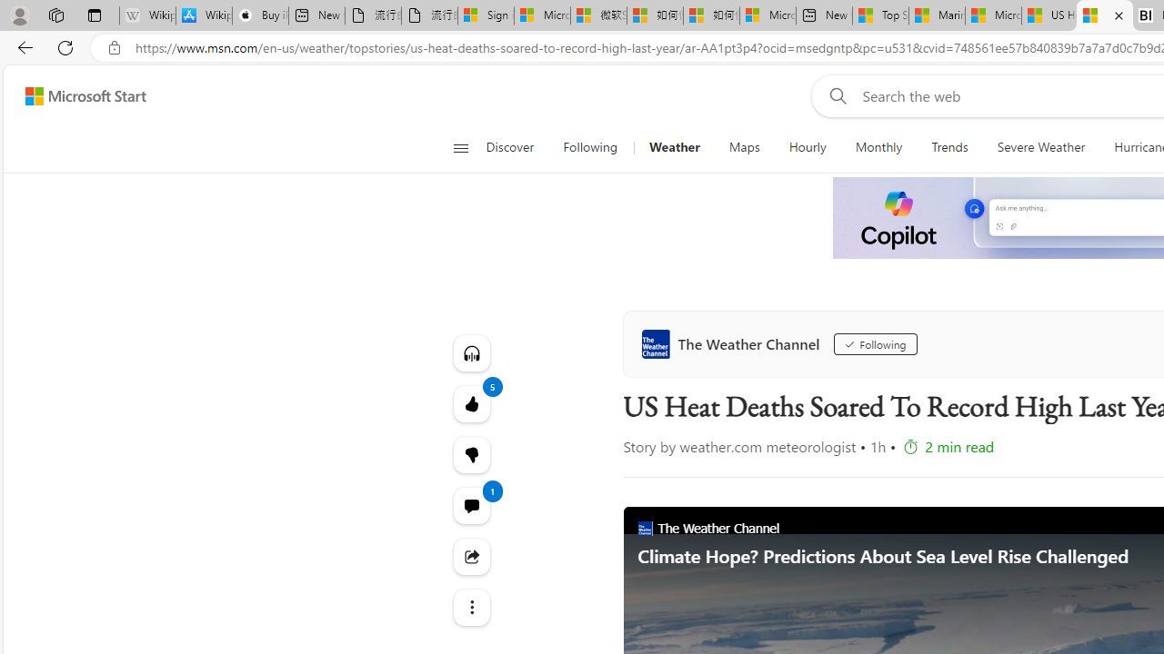 This screenshot has height=654, width=1164. Describe the element at coordinates (807, 147) in the screenshot. I see `'Hourly'` at that location.